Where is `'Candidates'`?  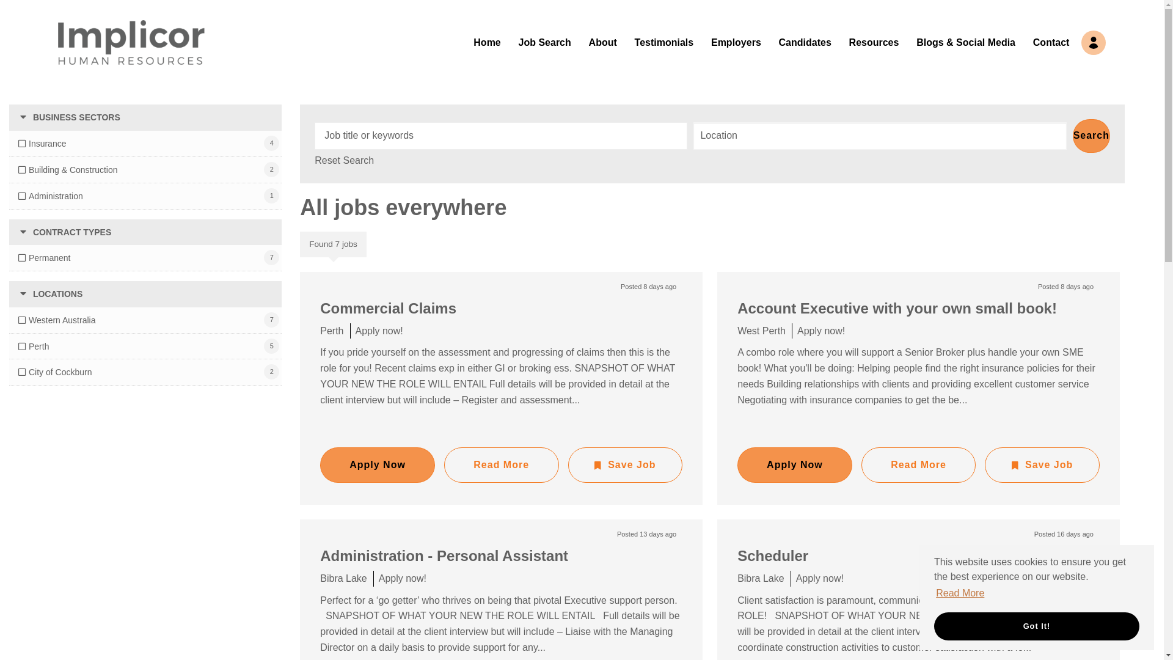 'Candidates' is located at coordinates (805, 42).